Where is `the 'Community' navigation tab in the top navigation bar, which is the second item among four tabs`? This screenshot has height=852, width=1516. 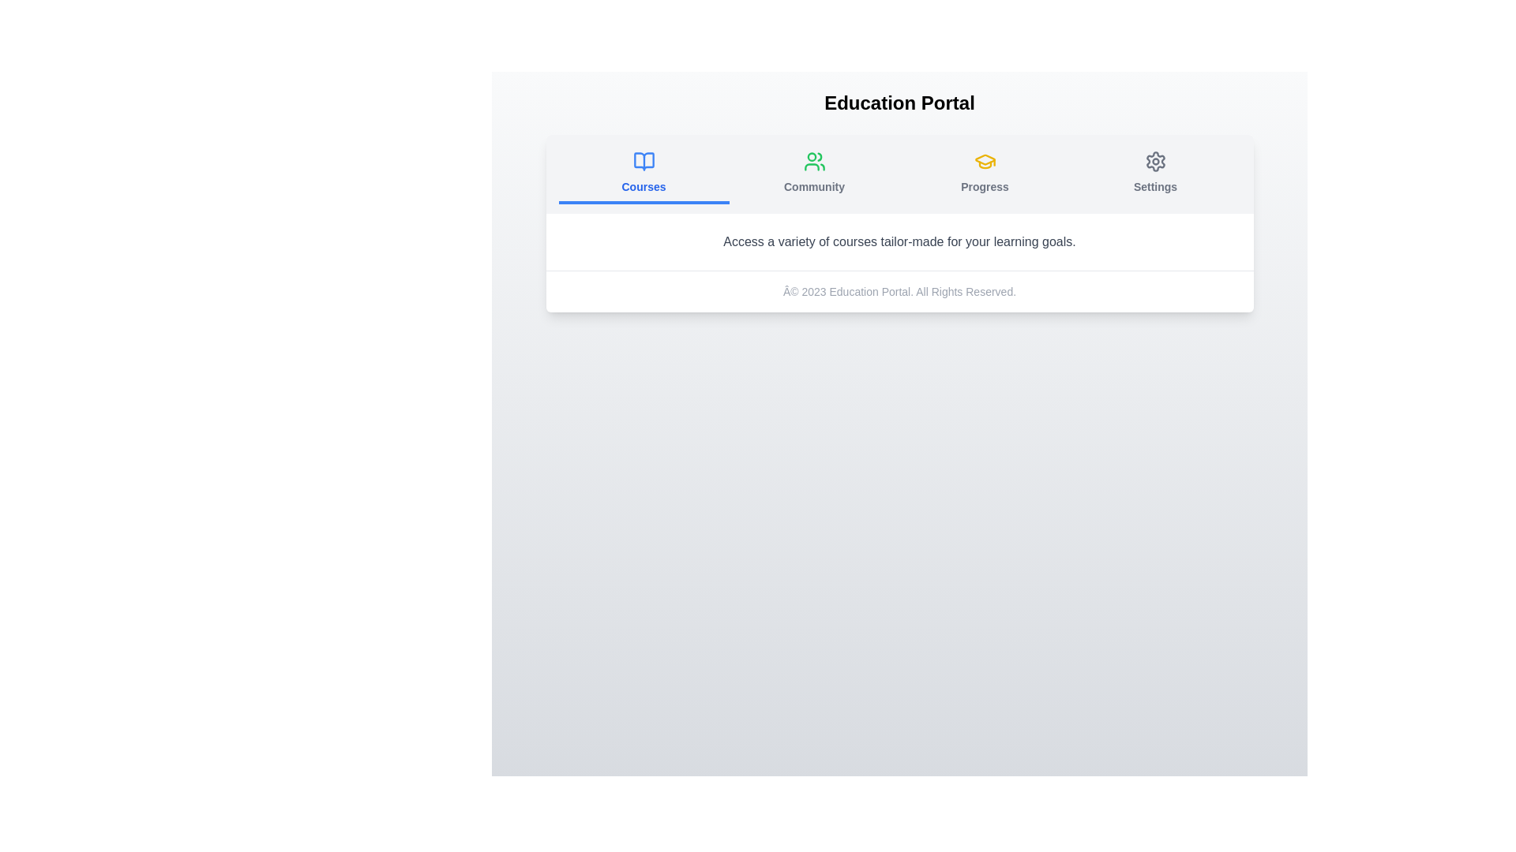 the 'Community' navigation tab in the top navigation bar, which is the second item among four tabs is located at coordinates (814, 173).